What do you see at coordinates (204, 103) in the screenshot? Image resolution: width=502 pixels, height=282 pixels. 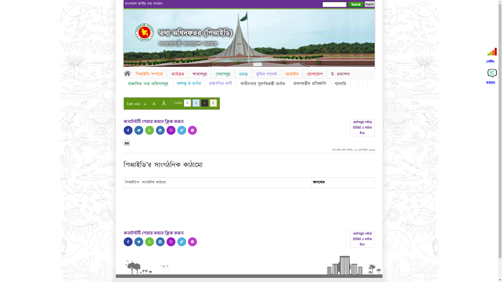 I see `'C'` at bounding box center [204, 103].